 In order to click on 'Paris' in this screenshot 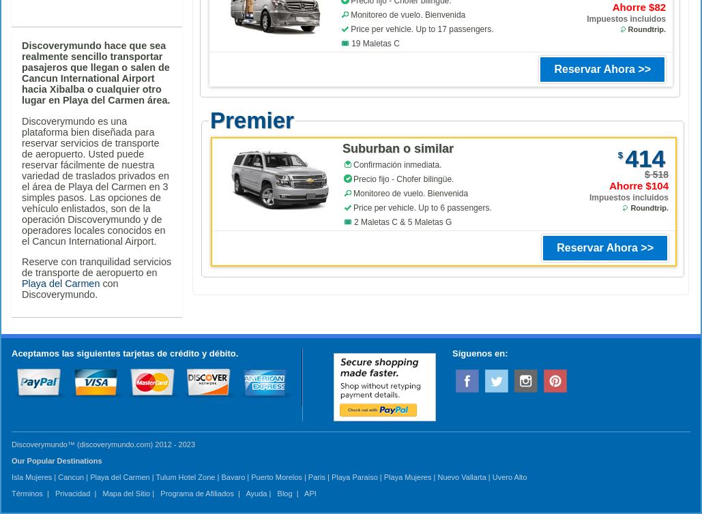, I will do `click(308, 476)`.